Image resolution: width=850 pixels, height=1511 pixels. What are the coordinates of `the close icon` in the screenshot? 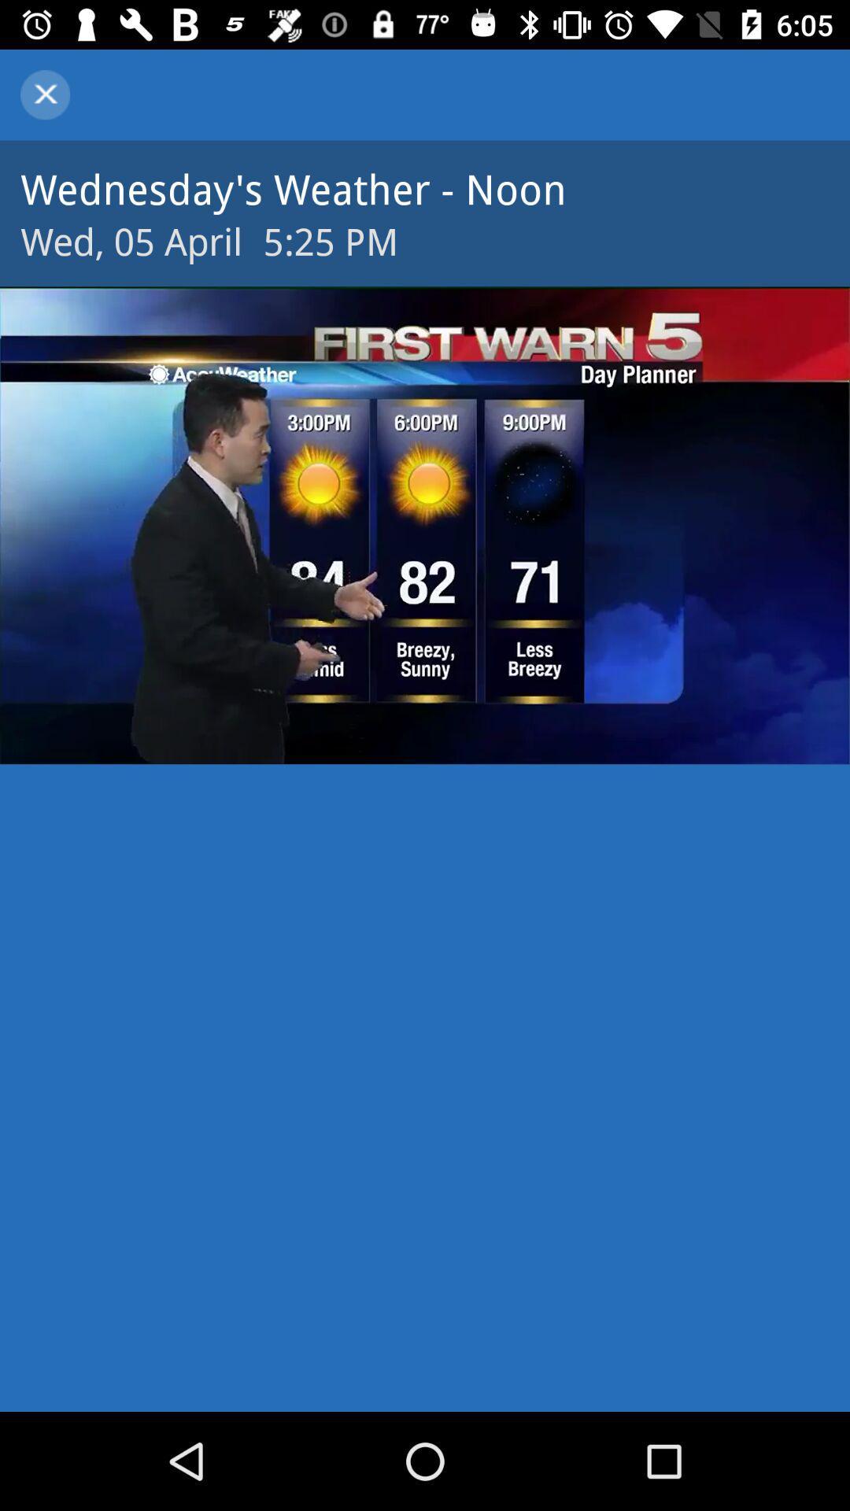 It's located at (44, 94).